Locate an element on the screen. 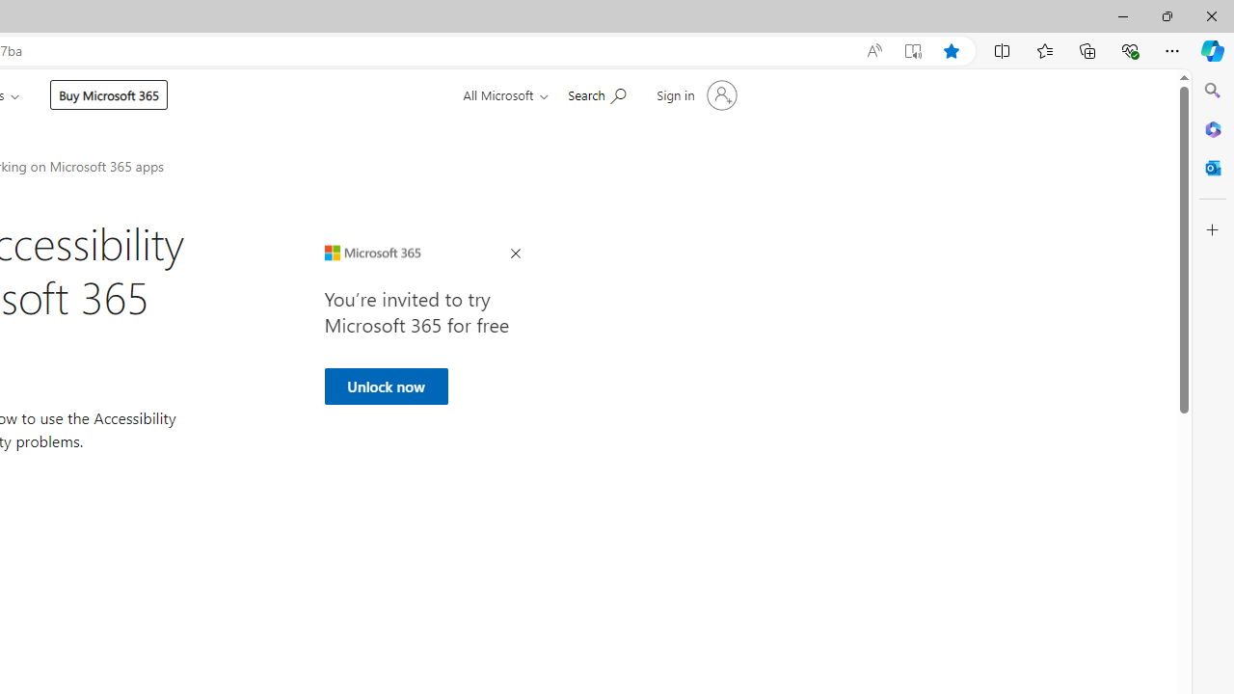  'Close Ad' is located at coordinates (515, 254).